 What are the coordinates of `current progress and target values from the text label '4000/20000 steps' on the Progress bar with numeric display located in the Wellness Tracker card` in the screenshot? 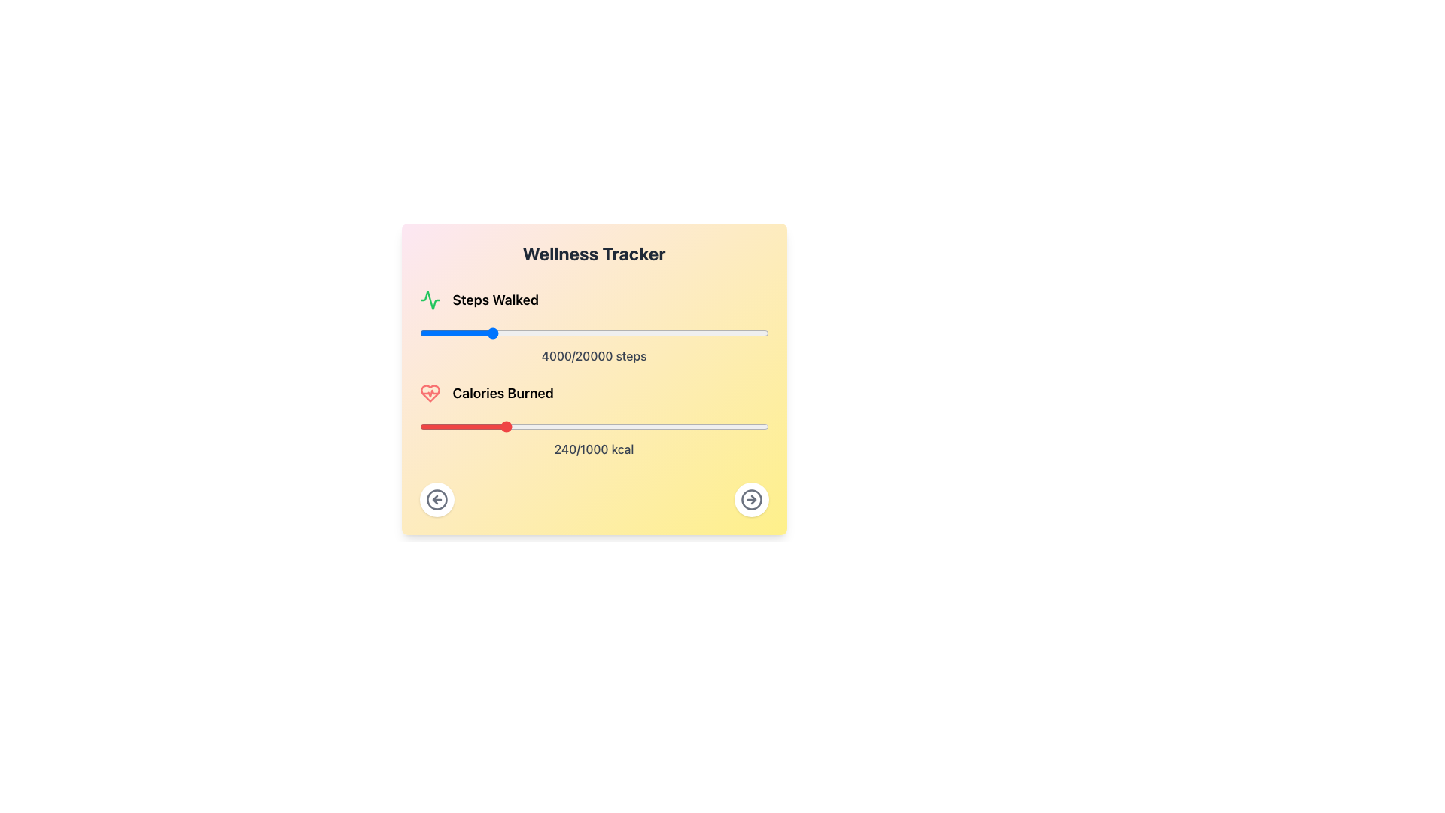 It's located at (593, 327).